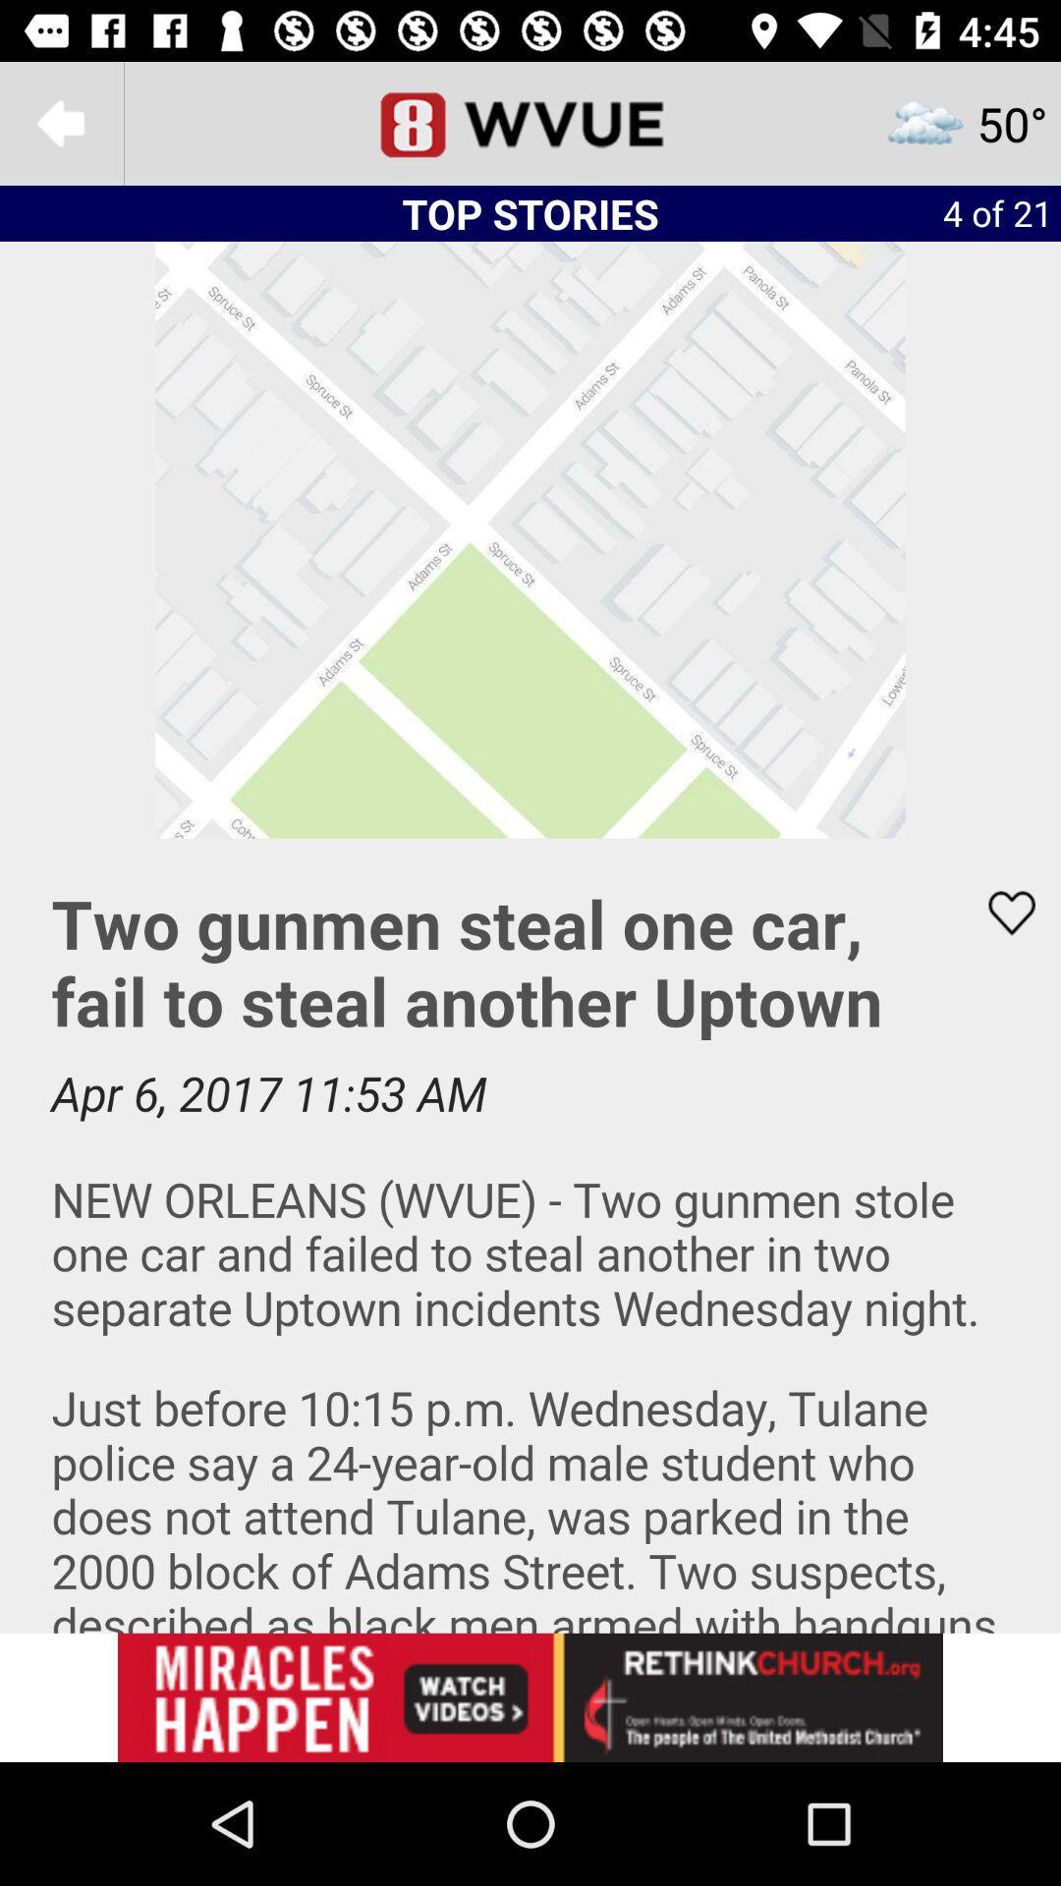  What do you see at coordinates (60, 122) in the screenshot?
I see `go back` at bounding box center [60, 122].